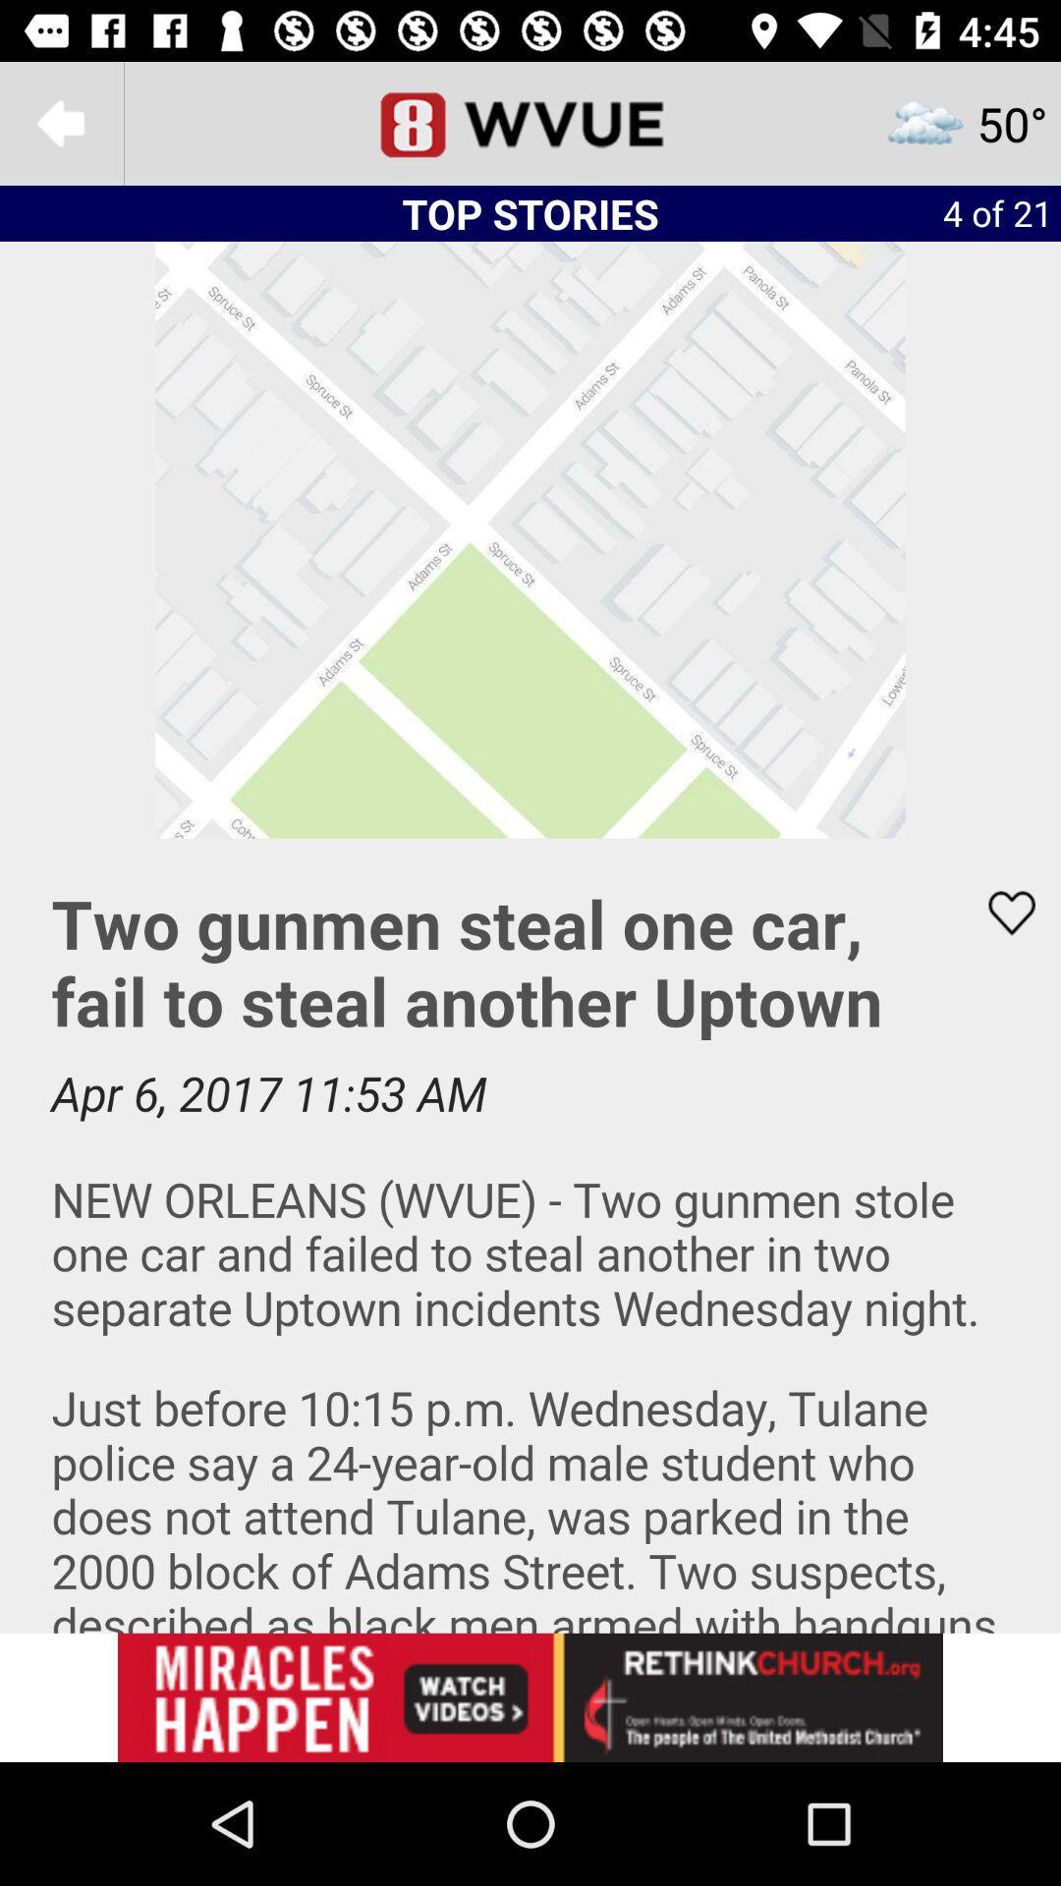  What do you see at coordinates (60, 122) in the screenshot?
I see `go back` at bounding box center [60, 122].